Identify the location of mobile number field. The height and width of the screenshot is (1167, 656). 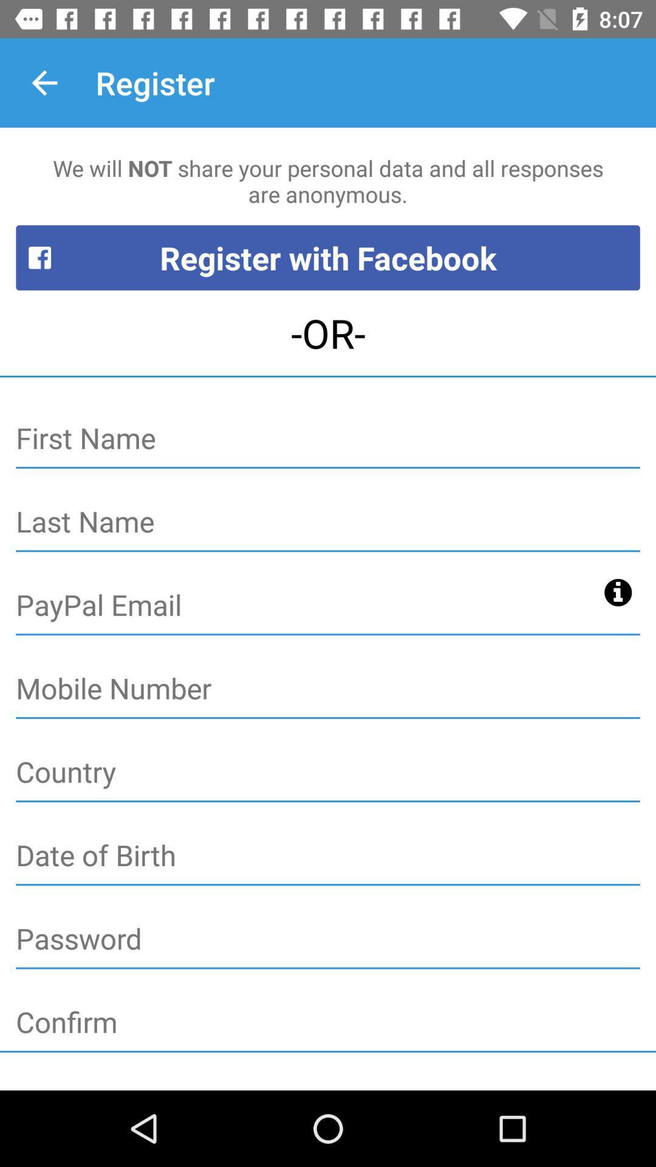
(328, 689).